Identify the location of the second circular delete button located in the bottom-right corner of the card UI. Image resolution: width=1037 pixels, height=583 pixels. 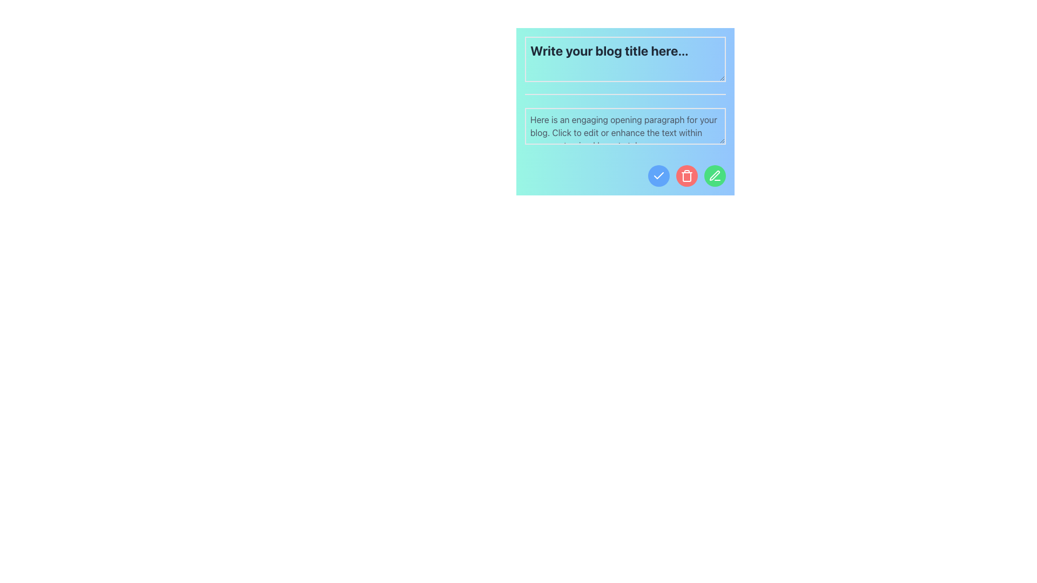
(686, 175).